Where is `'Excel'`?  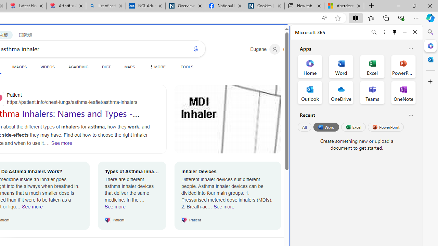 'Excel' is located at coordinates (353, 127).